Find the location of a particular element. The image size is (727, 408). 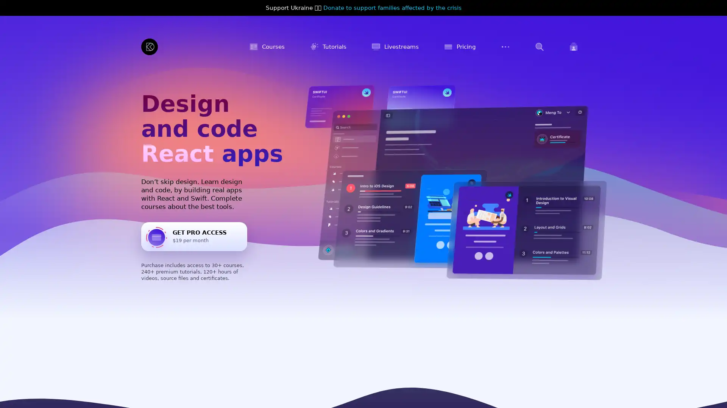

undefined icon is located at coordinates (539, 46).